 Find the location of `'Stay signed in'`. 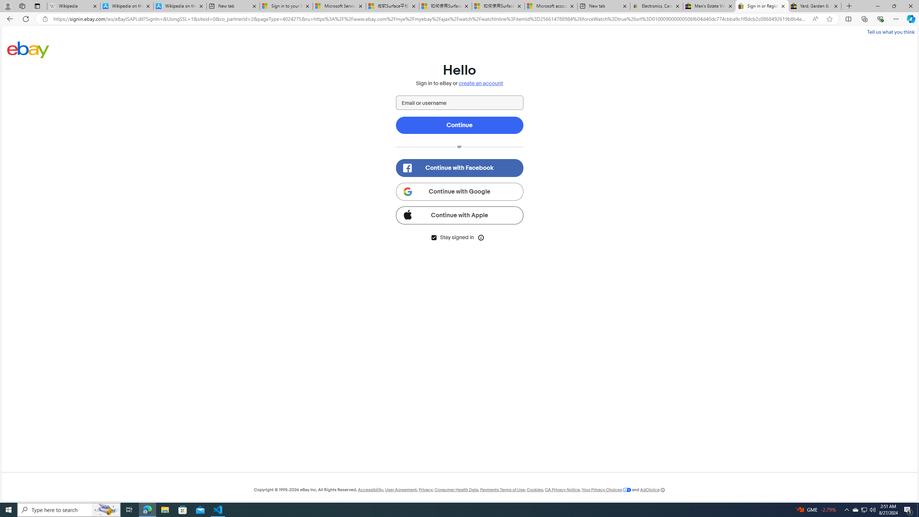

'Stay signed in' is located at coordinates (433, 237).